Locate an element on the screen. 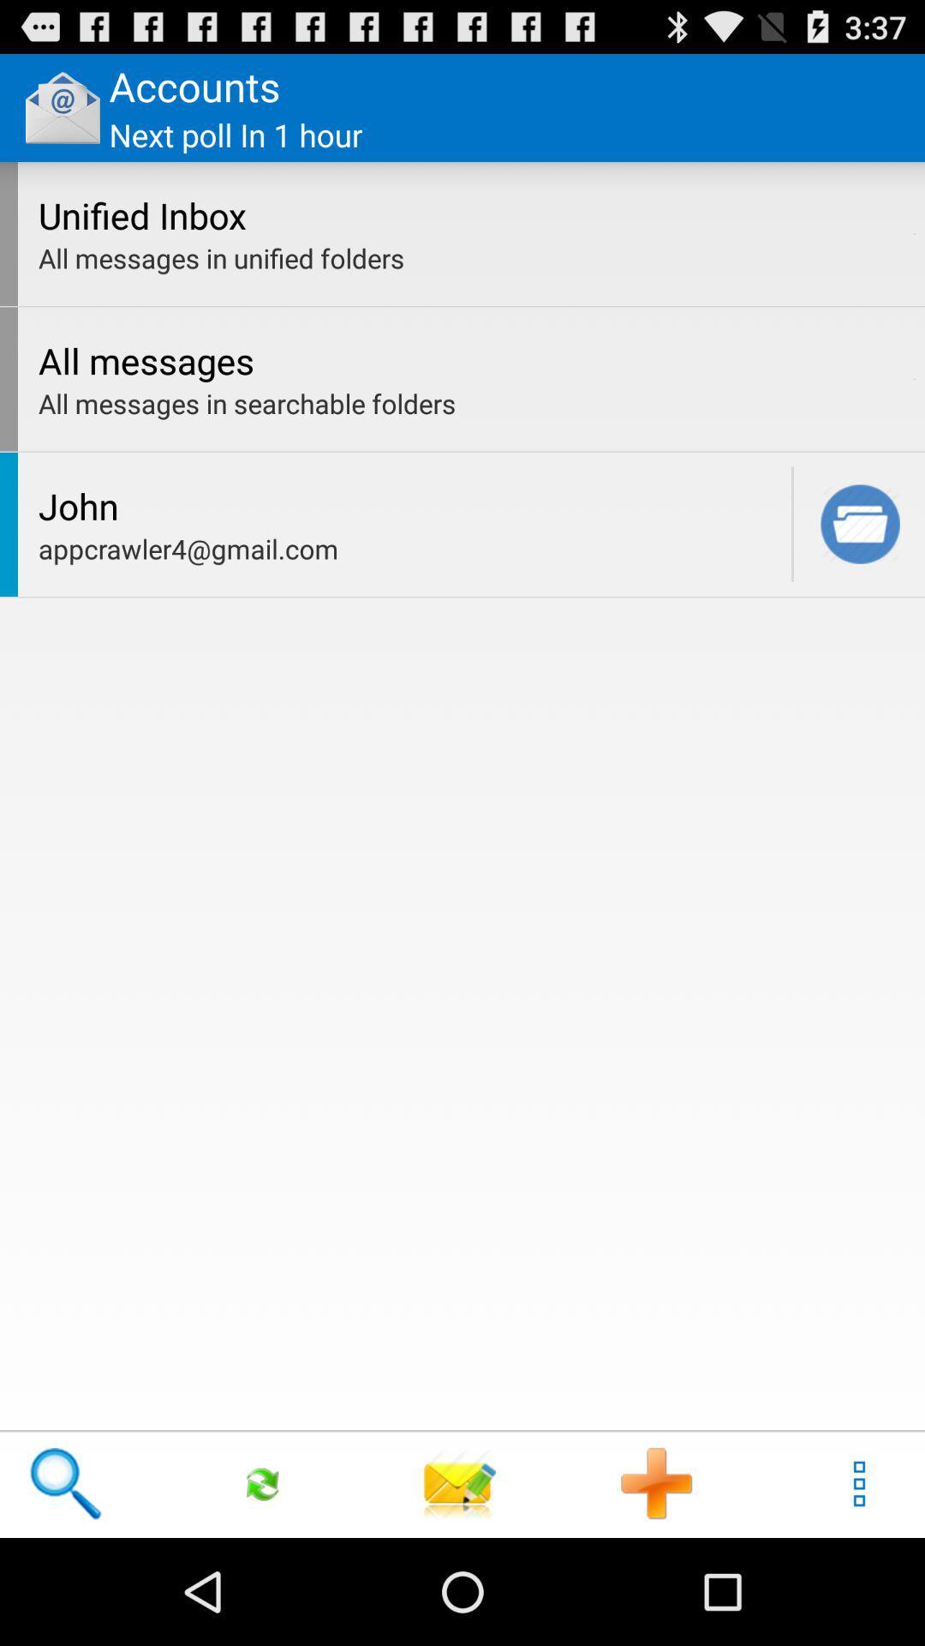 The image size is (925, 1646). item next to all messages app is located at coordinates (914, 378).